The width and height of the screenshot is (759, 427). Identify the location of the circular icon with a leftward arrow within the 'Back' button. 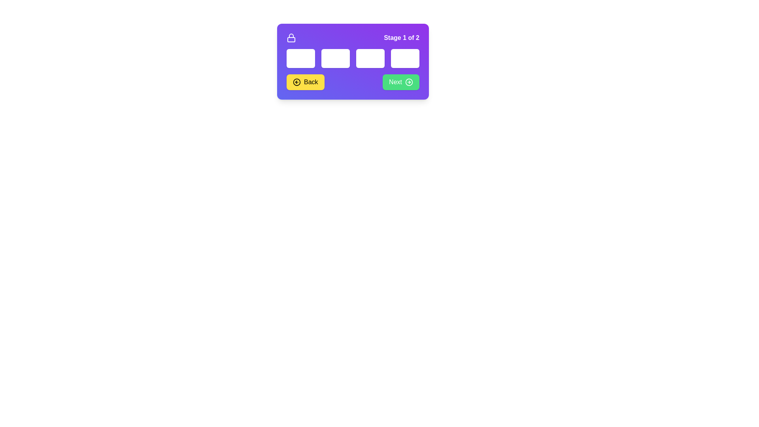
(296, 82).